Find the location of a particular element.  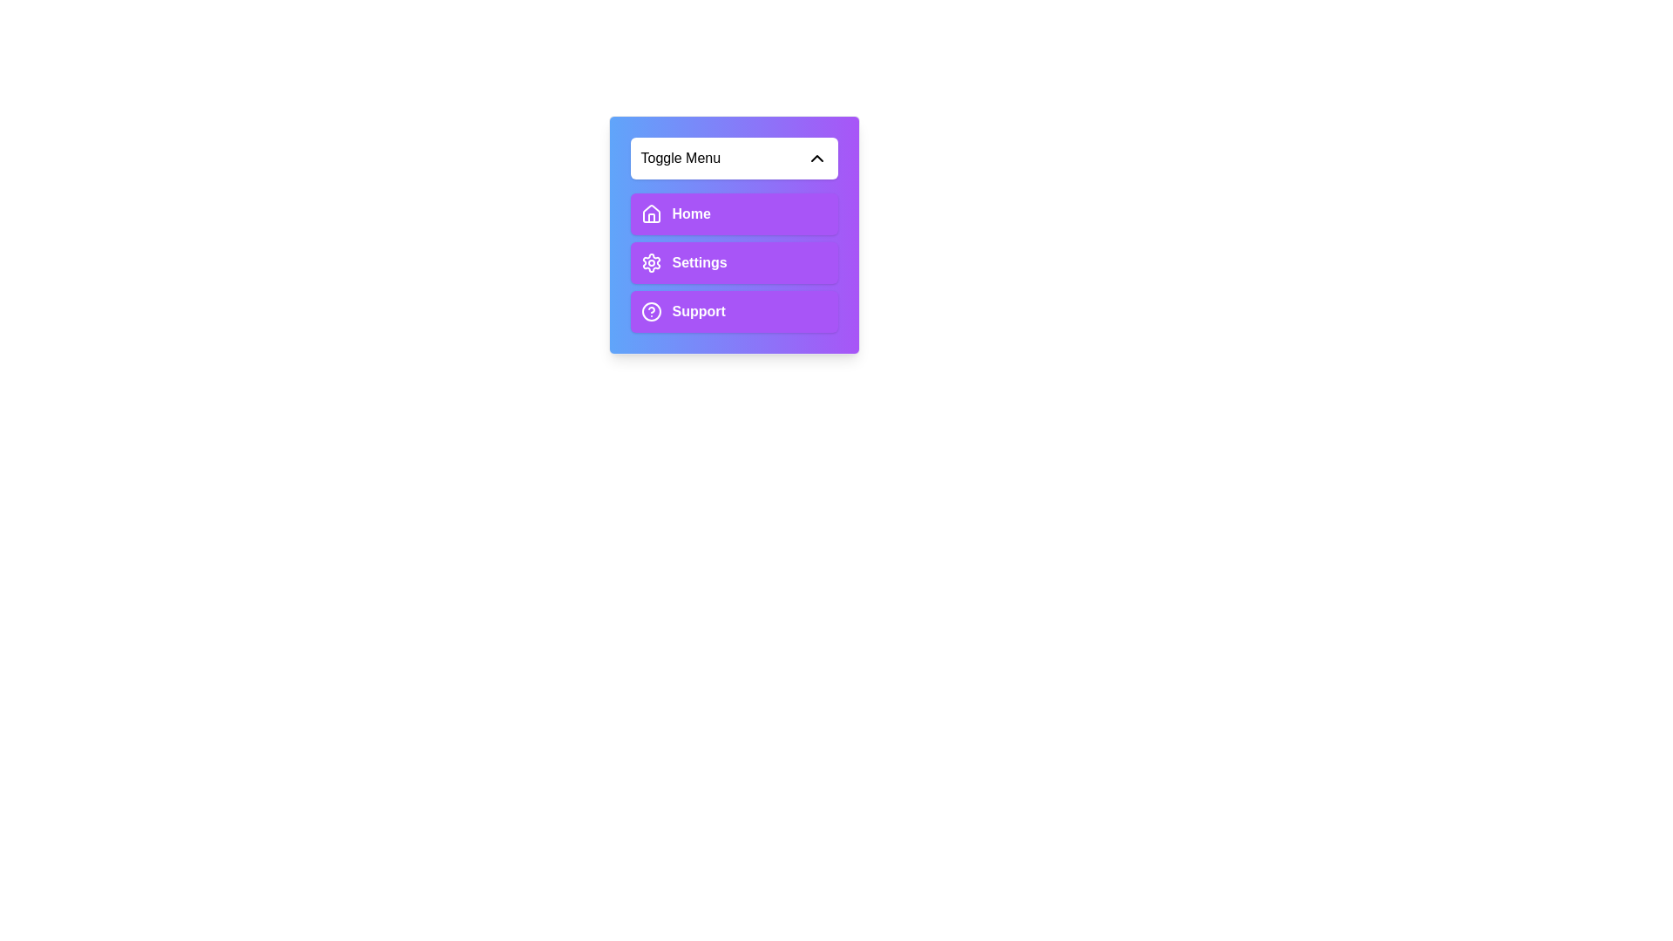

the upward-facing chevron icon with a thin black outline located at the far right of the 'Toggle Menu' header is located at coordinates (816, 158).